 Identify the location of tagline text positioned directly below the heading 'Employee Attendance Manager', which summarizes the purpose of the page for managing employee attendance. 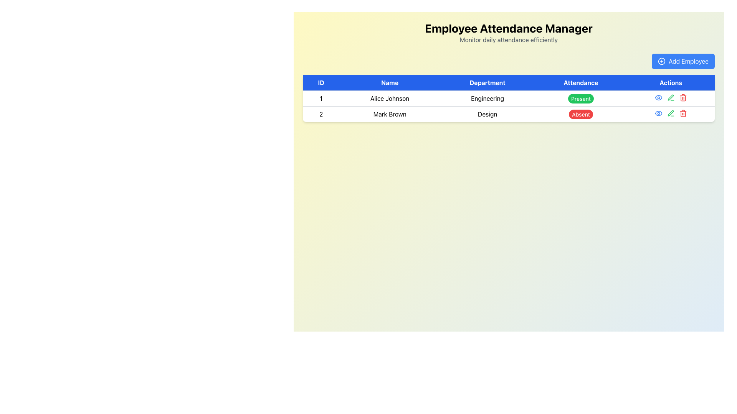
(509, 40).